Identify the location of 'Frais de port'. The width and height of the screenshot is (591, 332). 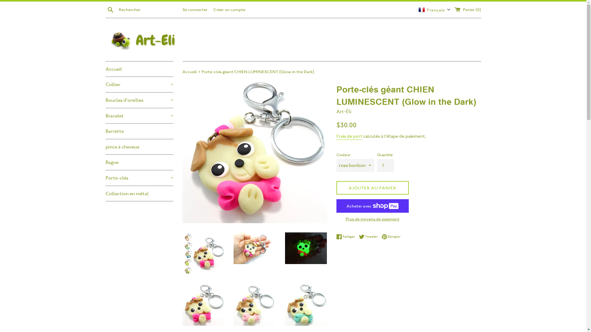
(349, 136).